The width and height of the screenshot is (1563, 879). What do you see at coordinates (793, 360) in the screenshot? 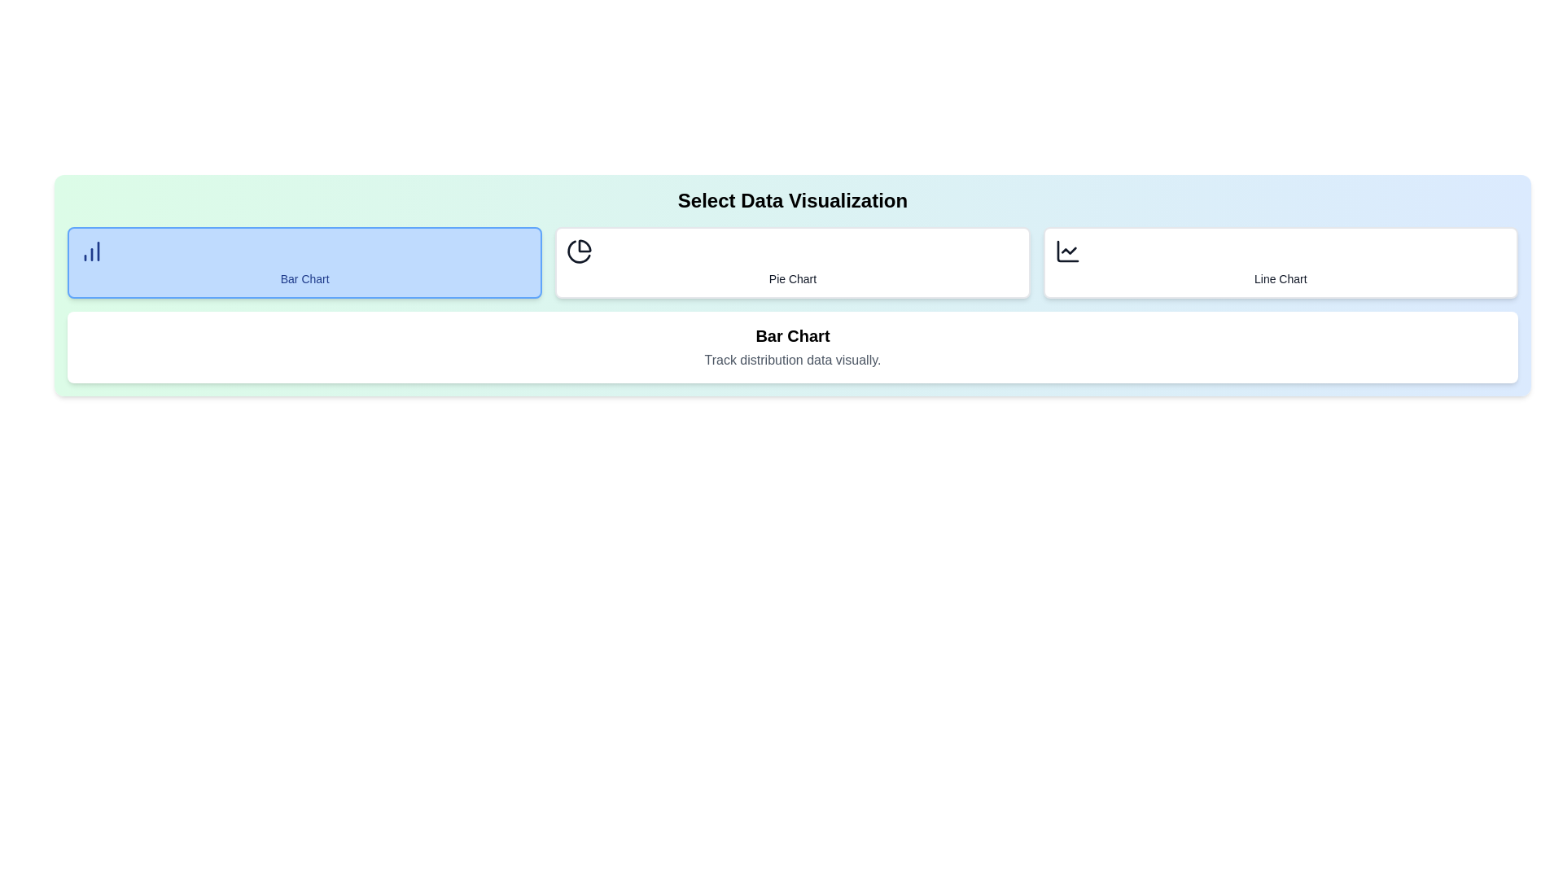
I see `the text element that provides additional context about the 'Bar Chart' selection, located below the 'Bar Chart' title in a white box with rounded corners` at bounding box center [793, 360].